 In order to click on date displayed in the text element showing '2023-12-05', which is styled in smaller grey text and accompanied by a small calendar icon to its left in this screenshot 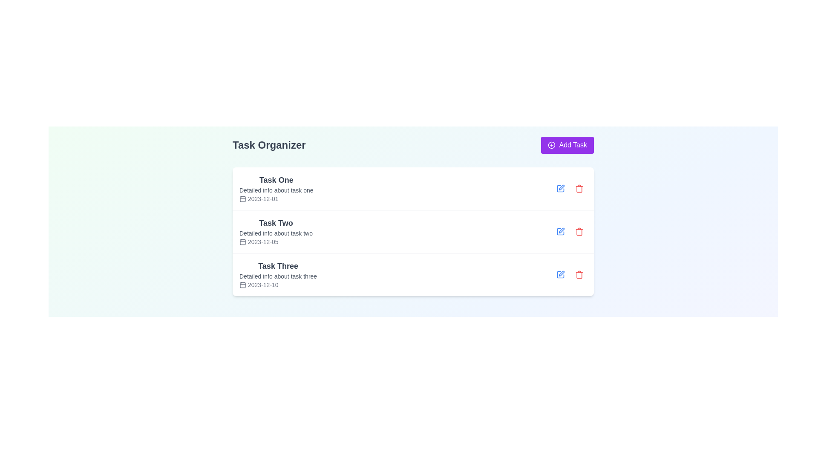, I will do `click(276, 241)`.